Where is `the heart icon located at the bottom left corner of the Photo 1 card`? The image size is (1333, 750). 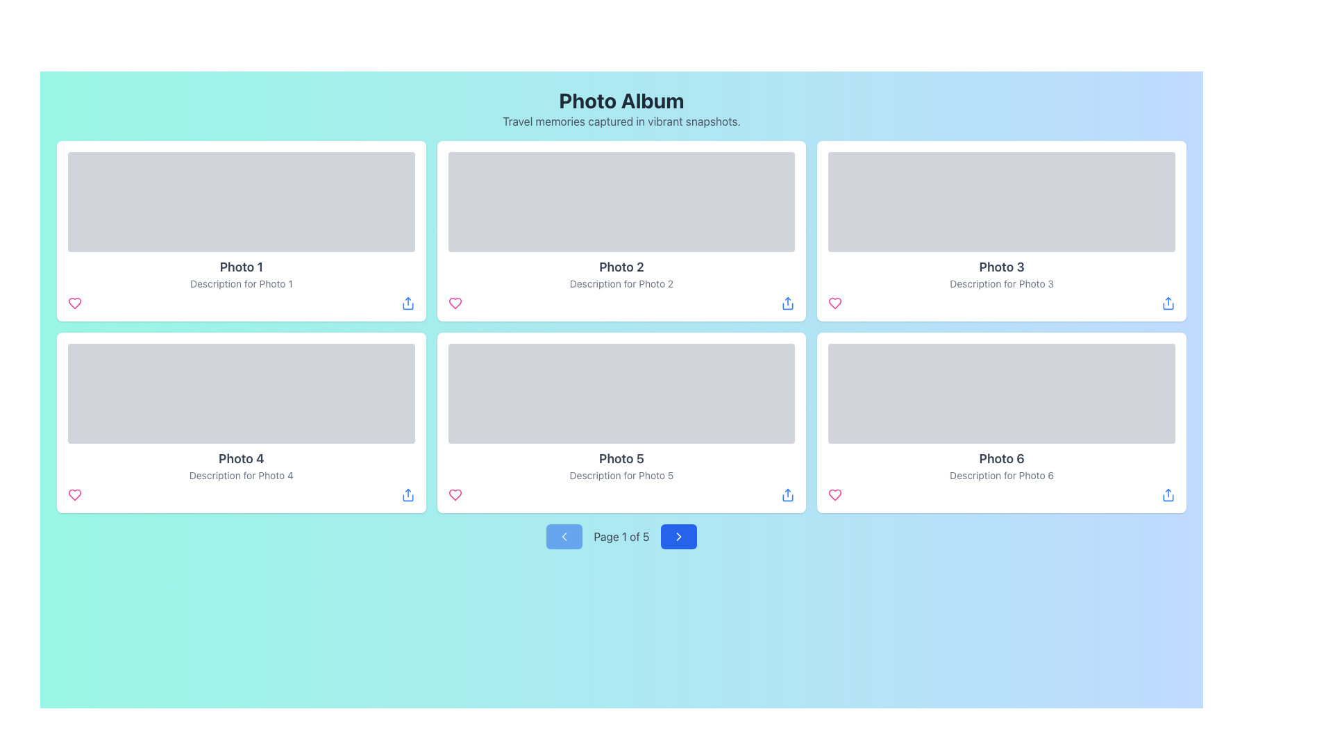 the heart icon located at the bottom left corner of the Photo 1 card is located at coordinates (455, 302).